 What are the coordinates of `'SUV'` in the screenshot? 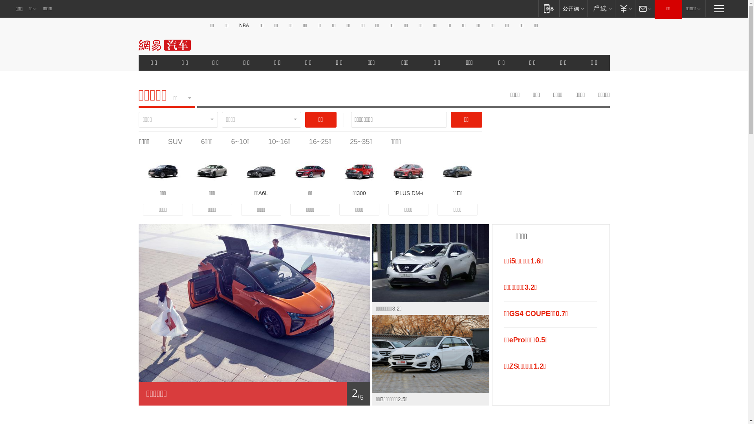 It's located at (175, 142).